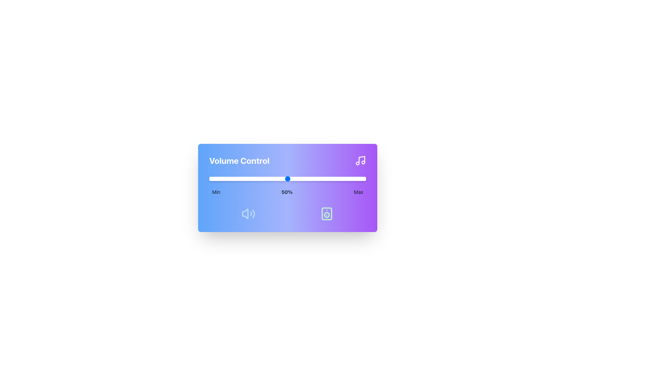 This screenshot has height=378, width=672. What do you see at coordinates (325, 178) in the screenshot?
I see `the slider` at bounding box center [325, 178].